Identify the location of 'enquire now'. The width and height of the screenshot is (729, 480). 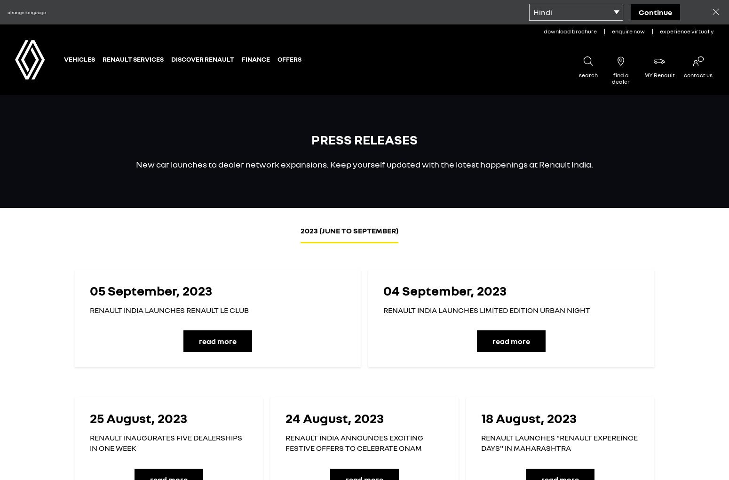
(628, 31).